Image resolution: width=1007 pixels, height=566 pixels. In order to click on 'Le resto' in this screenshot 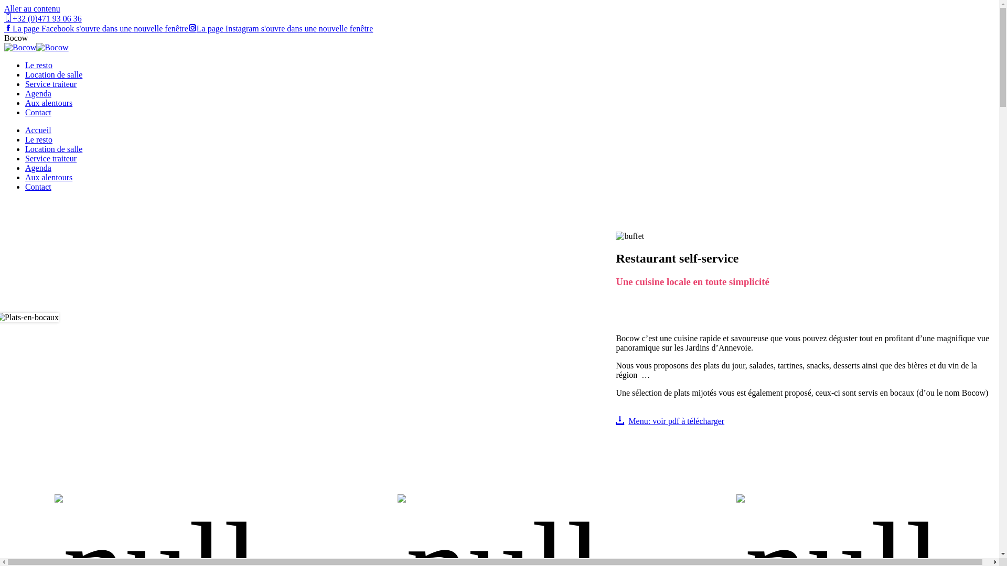, I will do `click(25, 139)`.